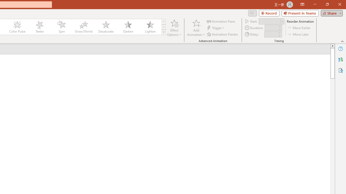 The width and height of the screenshot is (346, 194). I want to click on 'Line up', so click(332, 45).